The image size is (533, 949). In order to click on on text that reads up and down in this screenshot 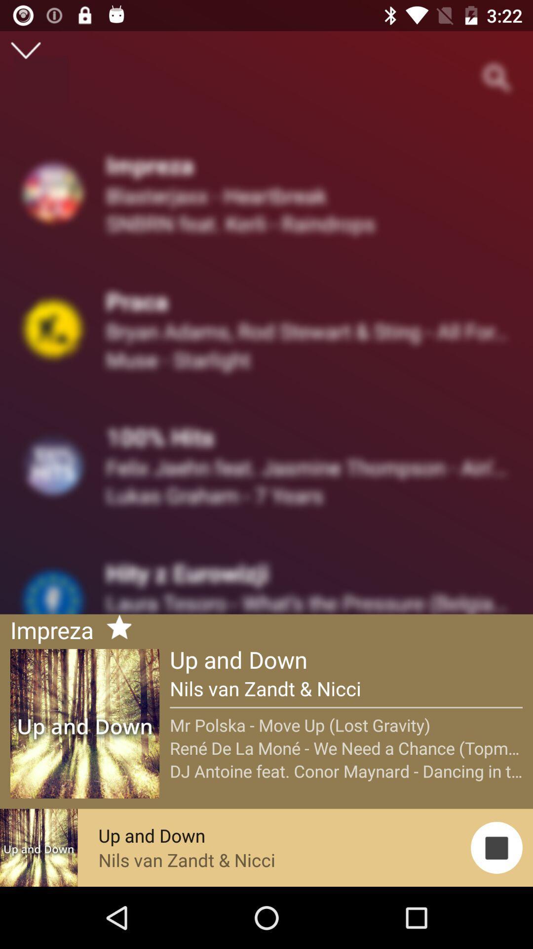, I will do `click(84, 724)`.